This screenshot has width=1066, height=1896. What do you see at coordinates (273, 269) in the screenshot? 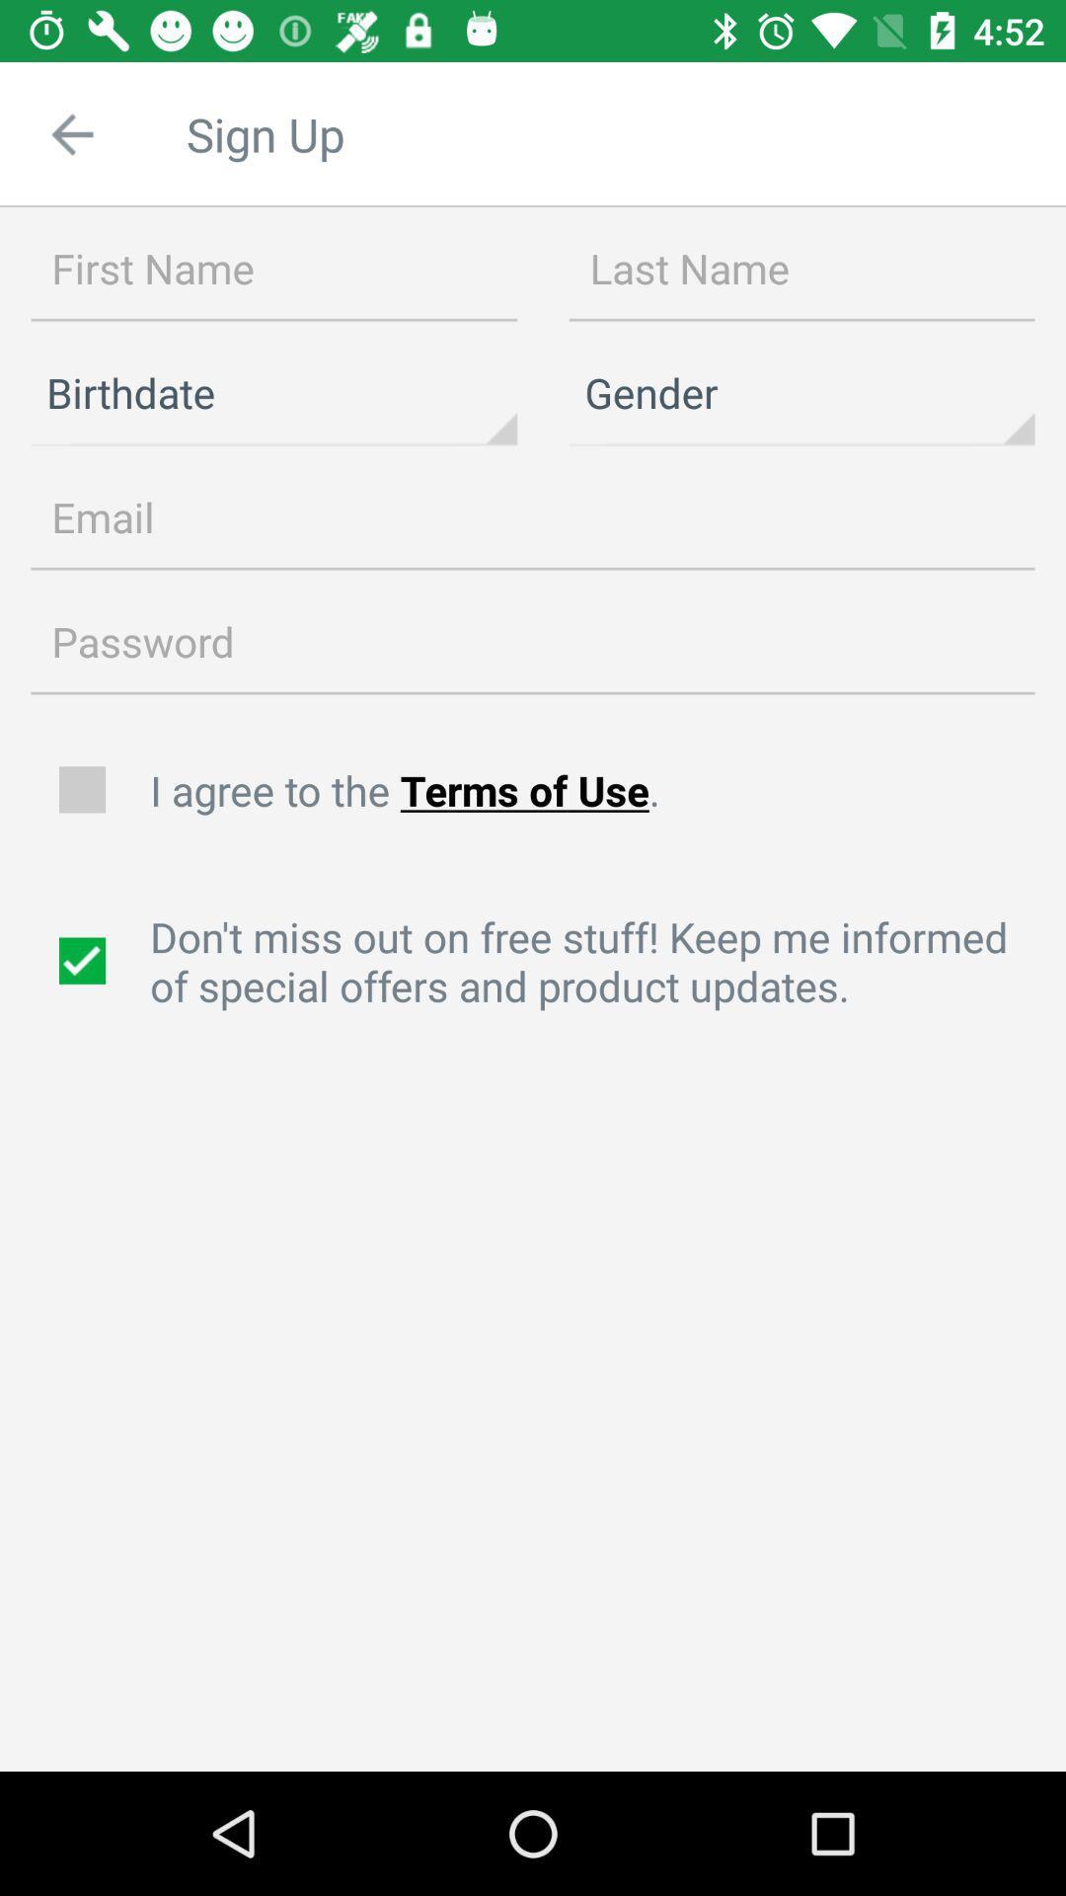
I see `name field` at bounding box center [273, 269].